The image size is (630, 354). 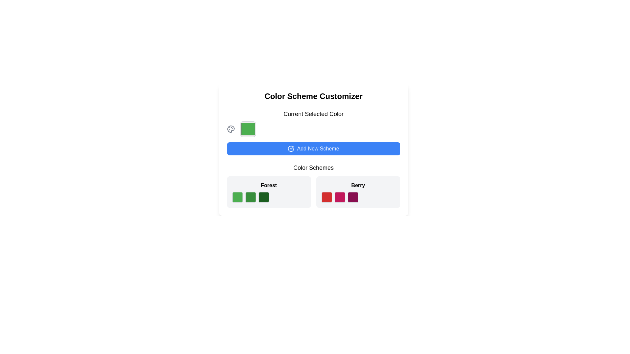 What do you see at coordinates (340, 197) in the screenshot?
I see `the second static colored square with a deep pink hue in the Color Schemes section under the Berry color scheme` at bounding box center [340, 197].